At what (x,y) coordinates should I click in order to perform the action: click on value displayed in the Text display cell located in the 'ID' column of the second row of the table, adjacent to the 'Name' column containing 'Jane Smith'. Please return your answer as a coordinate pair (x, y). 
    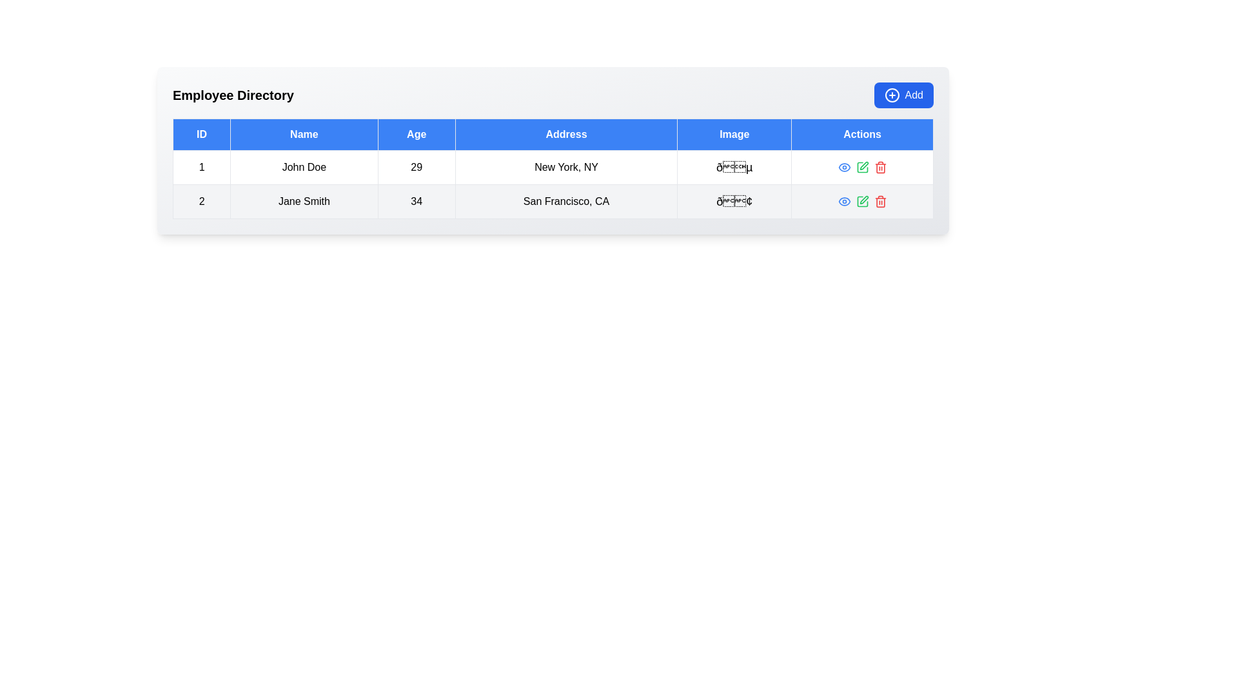
    Looking at the image, I should click on (201, 201).